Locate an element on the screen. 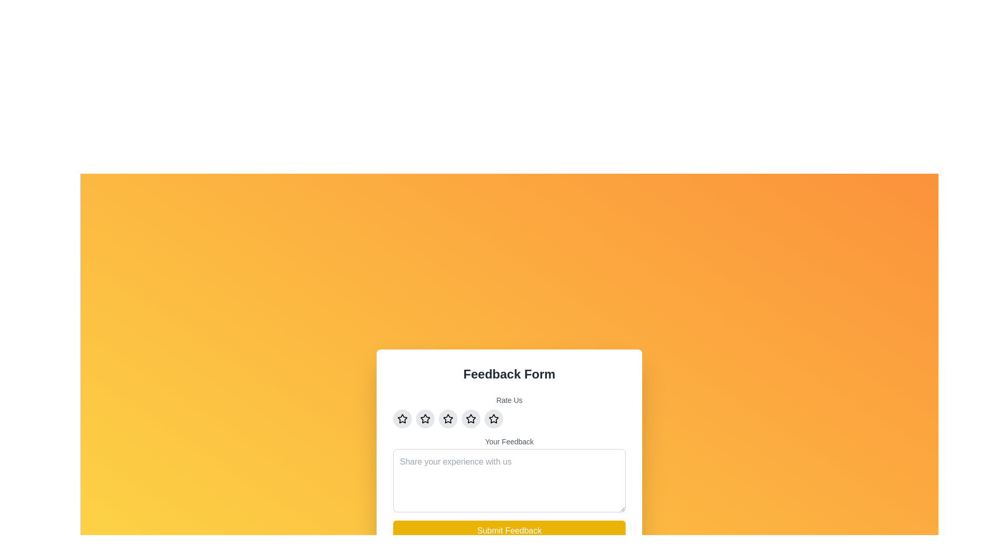 The width and height of the screenshot is (996, 560). the fourth star-shaped icon from the left in the row of five rating stars below the 'Rate Us' text is located at coordinates (493, 418).